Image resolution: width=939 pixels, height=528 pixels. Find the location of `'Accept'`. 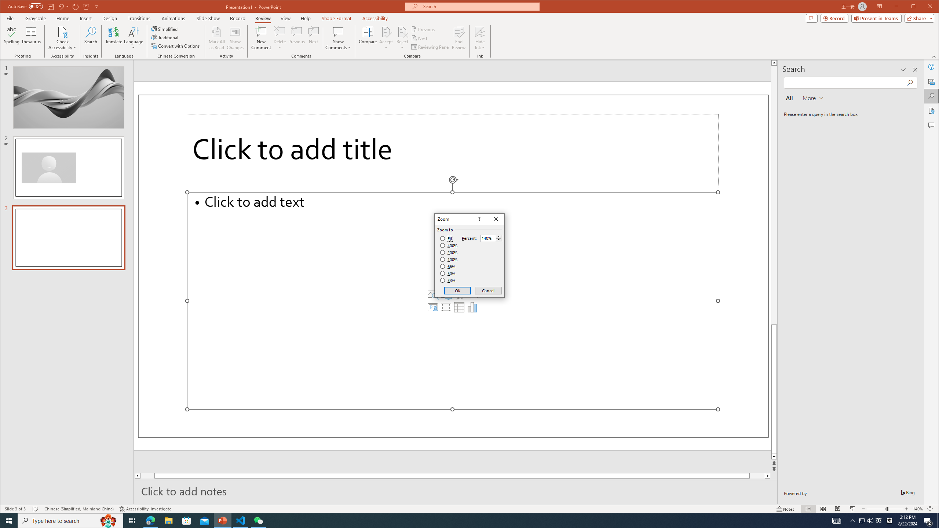

'Accept' is located at coordinates (386, 38).